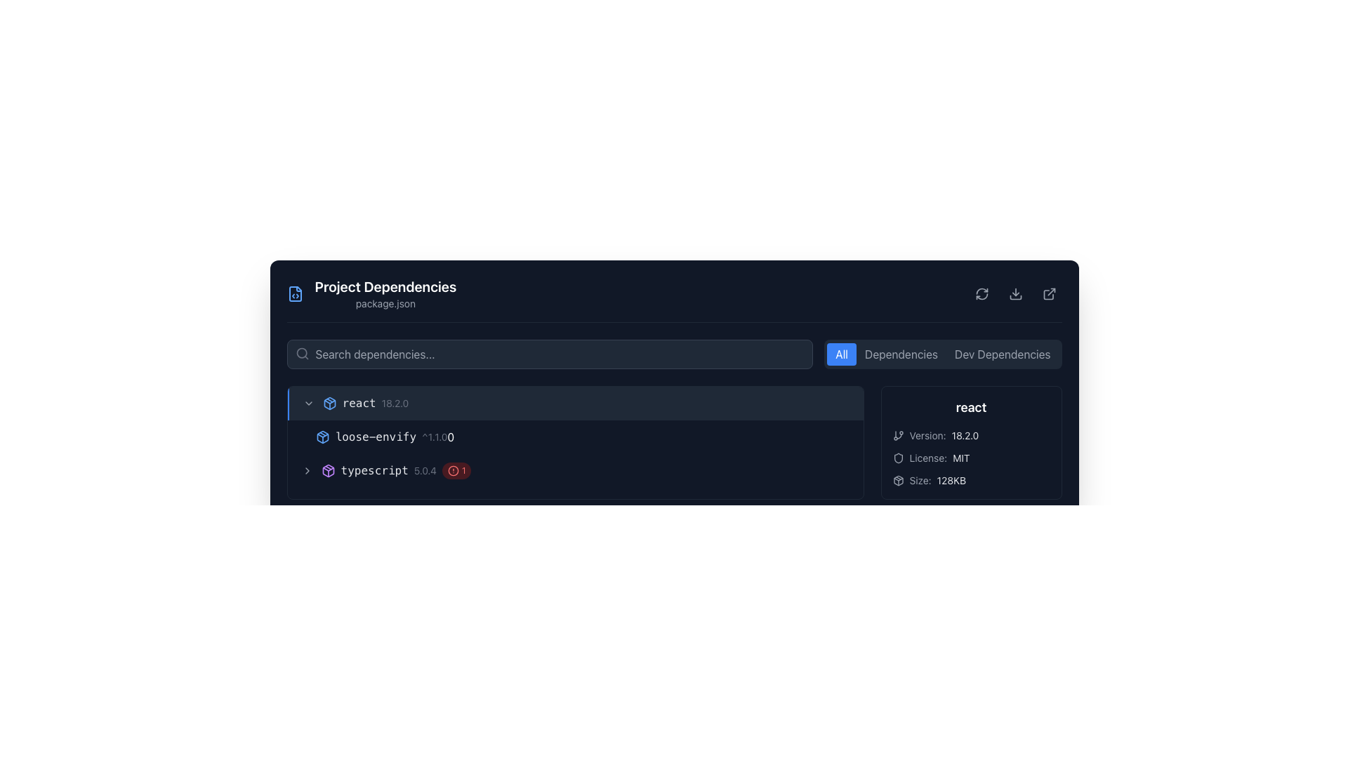 Image resolution: width=1348 pixels, height=758 pixels. What do you see at coordinates (928, 458) in the screenshot?
I see `the 'License:' label, which is a small, gray text element located in the right section under the 'react' dependency details, positioned second from the left in a horizontal group` at bounding box center [928, 458].